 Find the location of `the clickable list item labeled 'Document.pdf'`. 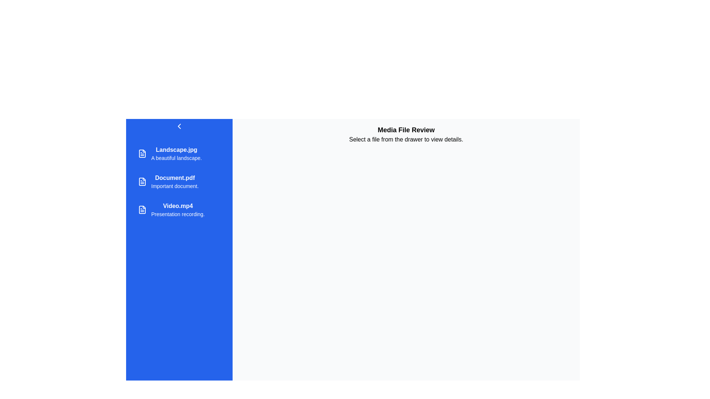

the clickable list item labeled 'Document.pdf' is located at coordinates (179, 182).